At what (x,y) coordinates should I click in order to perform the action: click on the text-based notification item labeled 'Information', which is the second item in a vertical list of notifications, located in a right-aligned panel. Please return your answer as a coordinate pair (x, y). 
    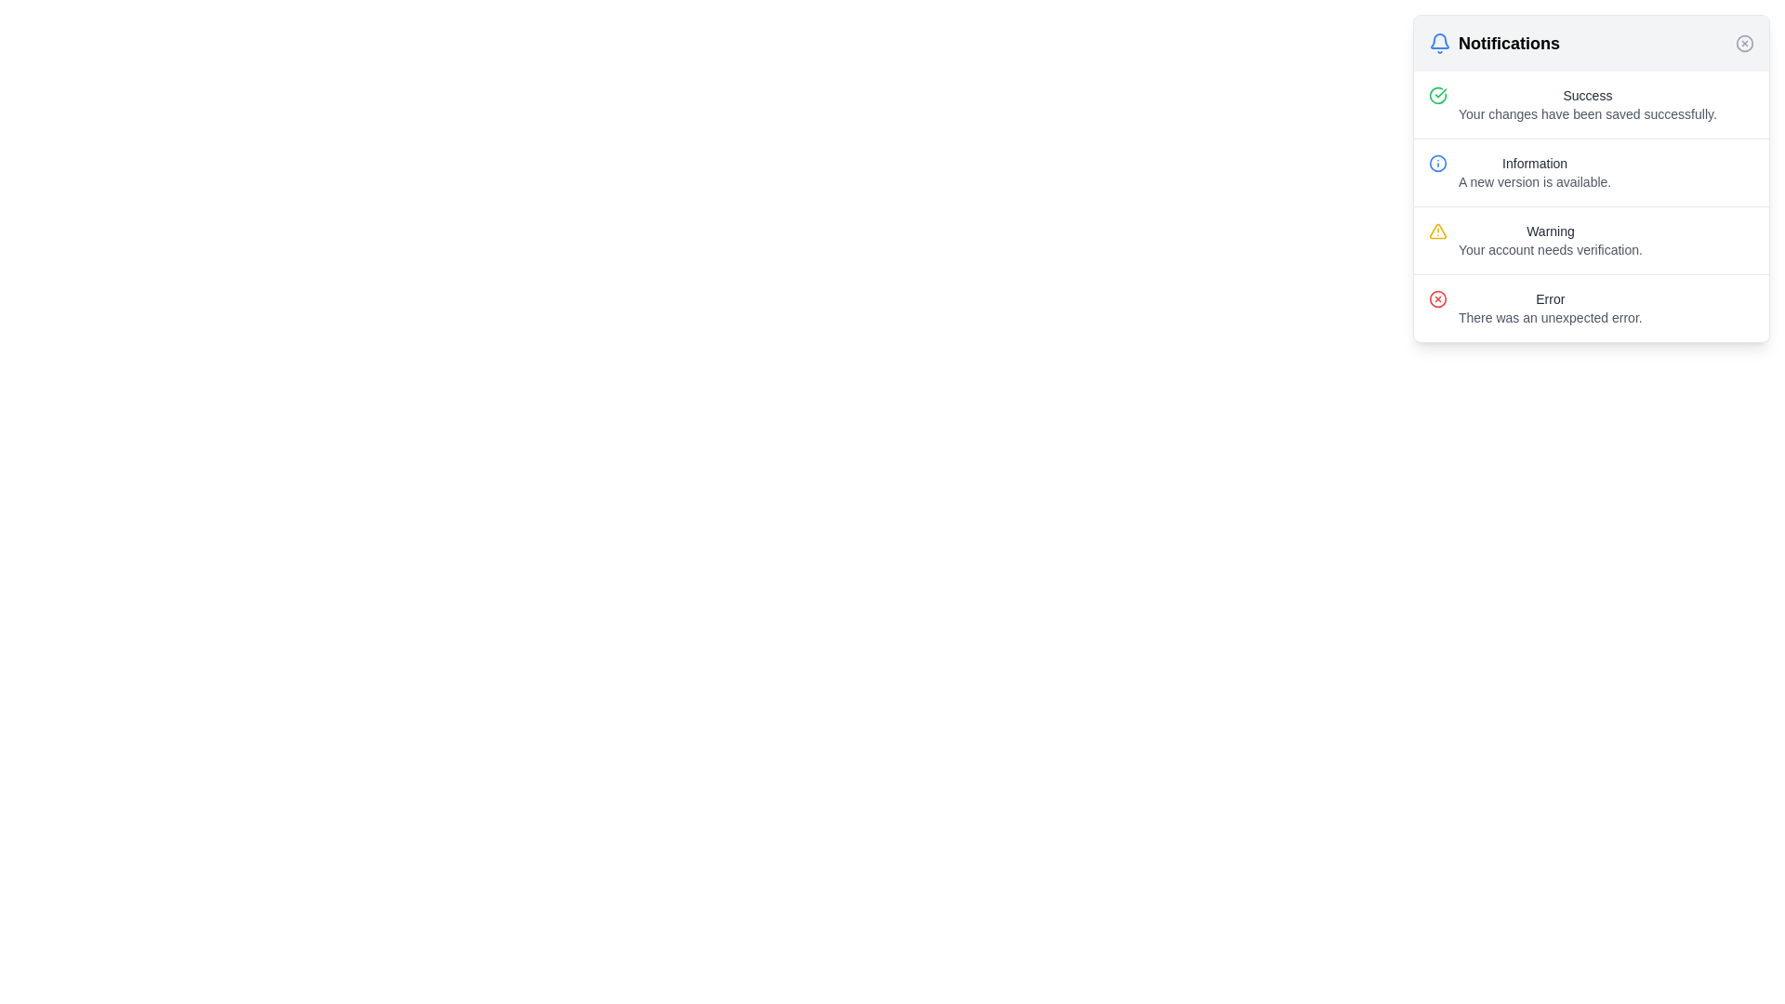
    Looking at the image, I should click on (1535, 172).